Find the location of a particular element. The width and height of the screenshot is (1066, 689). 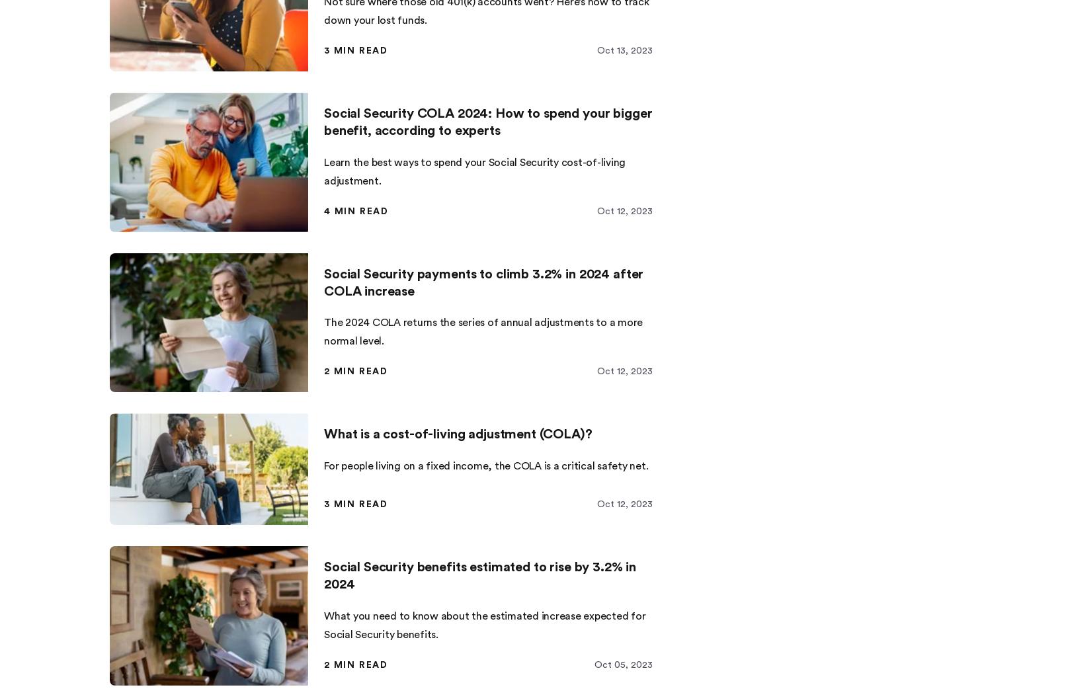

'Learn the best ways to spend your Social Security cost-of-living adjustment.' is located at coordinates (474, 171).